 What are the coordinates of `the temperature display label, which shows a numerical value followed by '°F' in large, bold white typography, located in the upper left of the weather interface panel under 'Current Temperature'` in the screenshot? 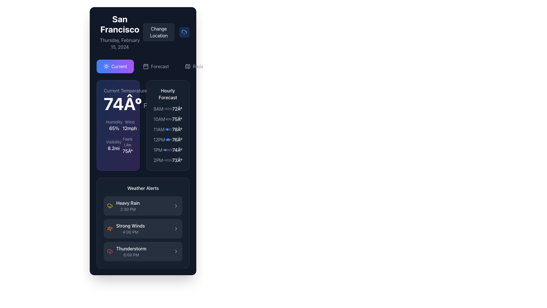 It's located at (125, 104).